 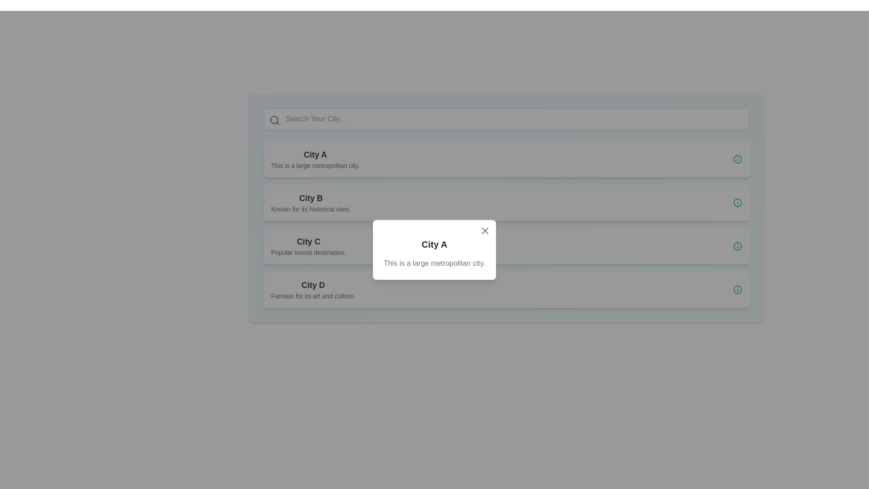 What do you see at coordinates (315, 158) in the screenshot?
I see `the static text display labeled 'City A' which is the first item in a vertical list of city descriptions` at bounding box center [315, 158].